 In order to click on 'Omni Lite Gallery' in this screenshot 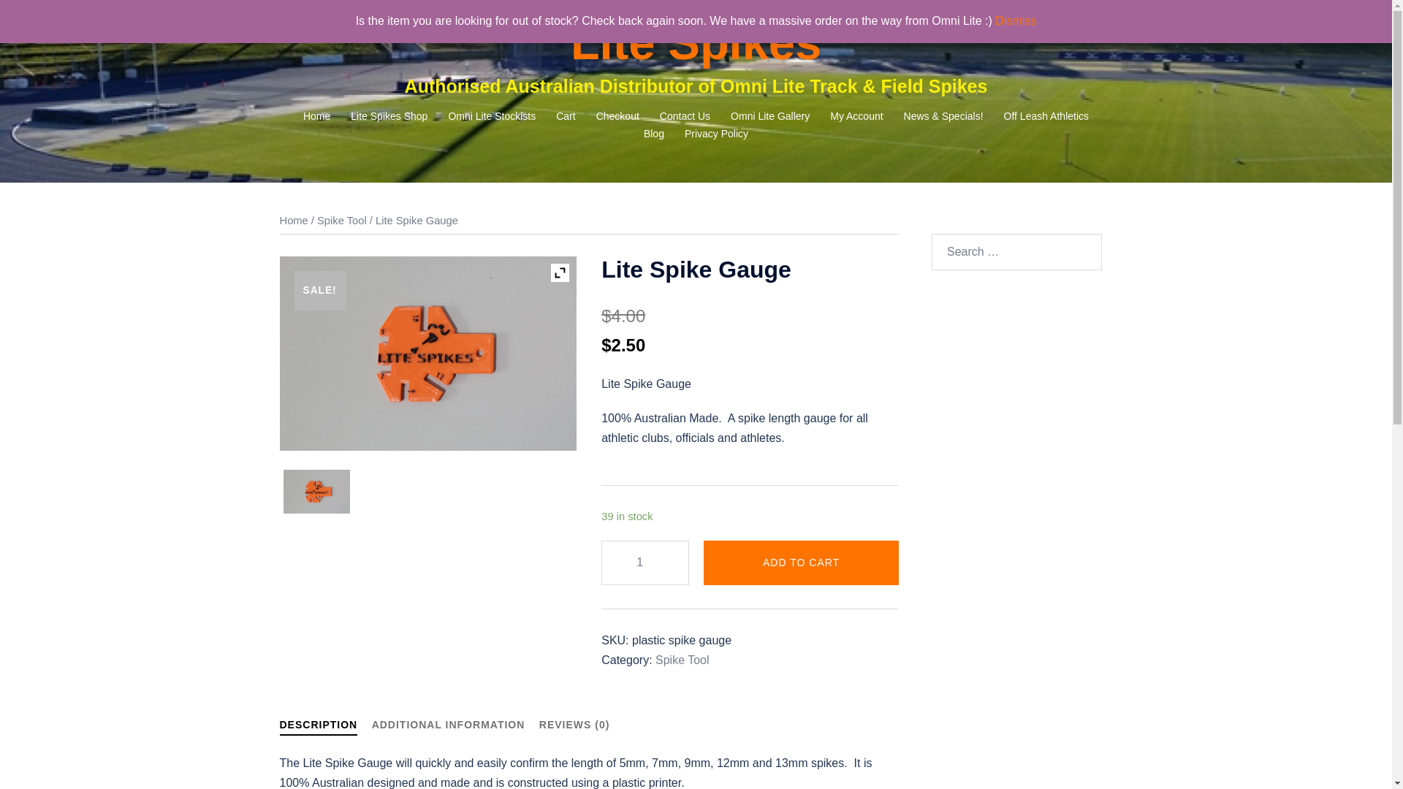, I will do `click(769, 115)`.